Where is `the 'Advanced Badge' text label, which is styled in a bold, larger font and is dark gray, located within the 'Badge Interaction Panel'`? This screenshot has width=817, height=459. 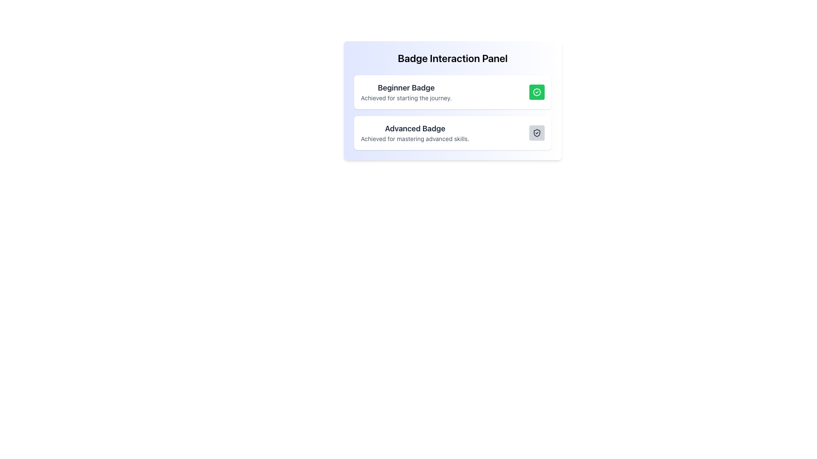
the 'Advanced Badge' text label, which is styled in a bold, larger font and is dark gray, located within the 'Badge Interaction Panel' is located at coordinates (415, 129).